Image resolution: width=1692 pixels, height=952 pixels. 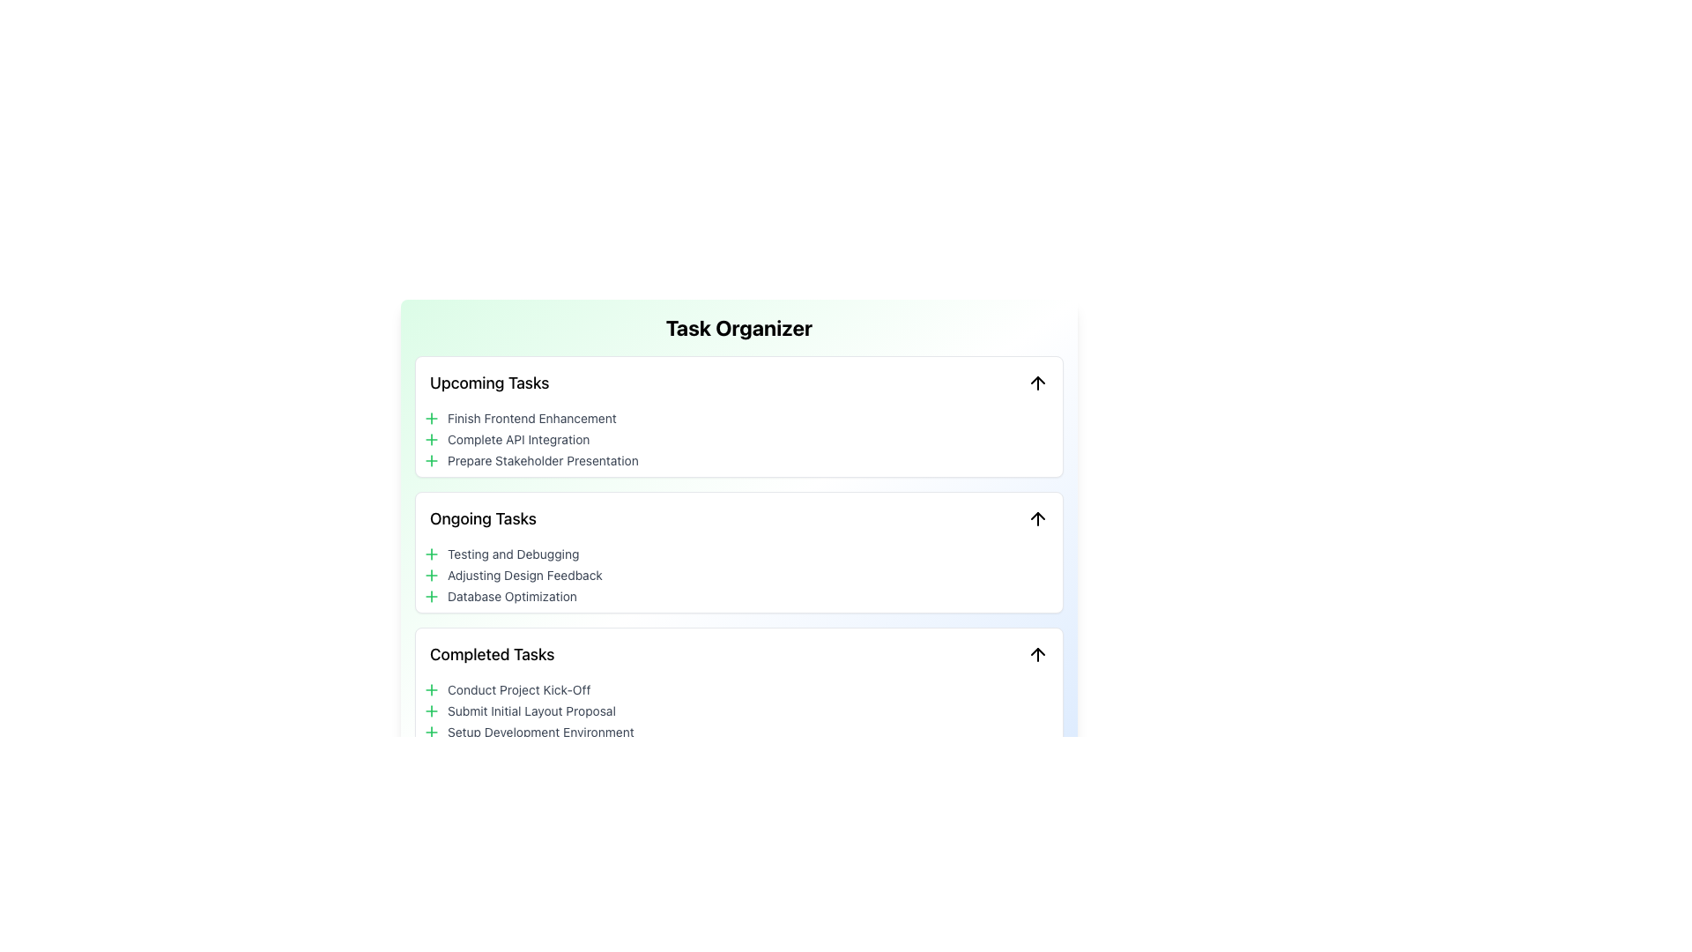 What do you see at coordinates (518, 689) in the screenshot?
I see `the text label that reads 'Conduct Project Kick-Off', which is styled in small gray font and is the first item under the 'Completed Tasks' section` at bounding box center [518, 689].